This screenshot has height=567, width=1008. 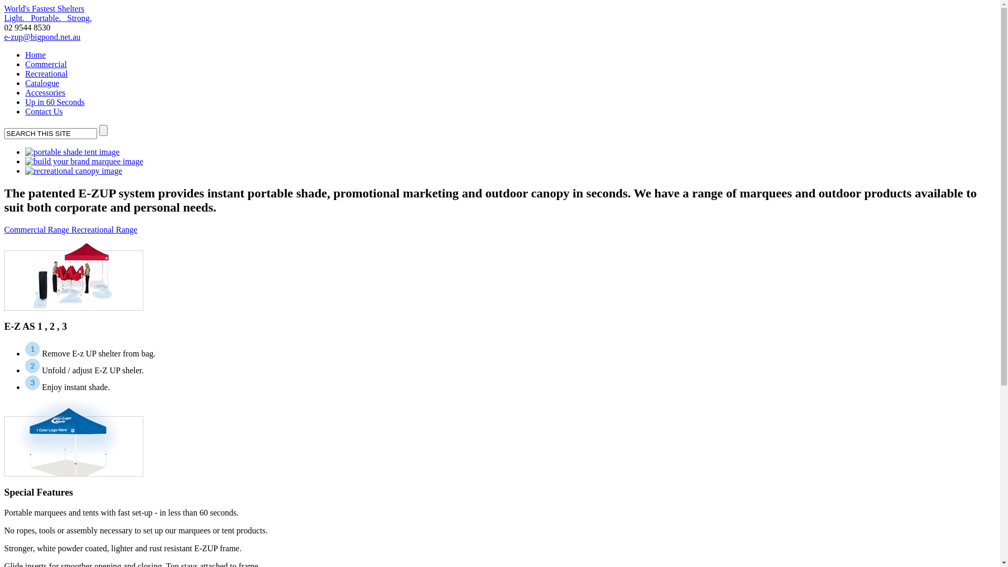 I want to click on 'Up in 60 Seconds', so click(x=54, y=102).